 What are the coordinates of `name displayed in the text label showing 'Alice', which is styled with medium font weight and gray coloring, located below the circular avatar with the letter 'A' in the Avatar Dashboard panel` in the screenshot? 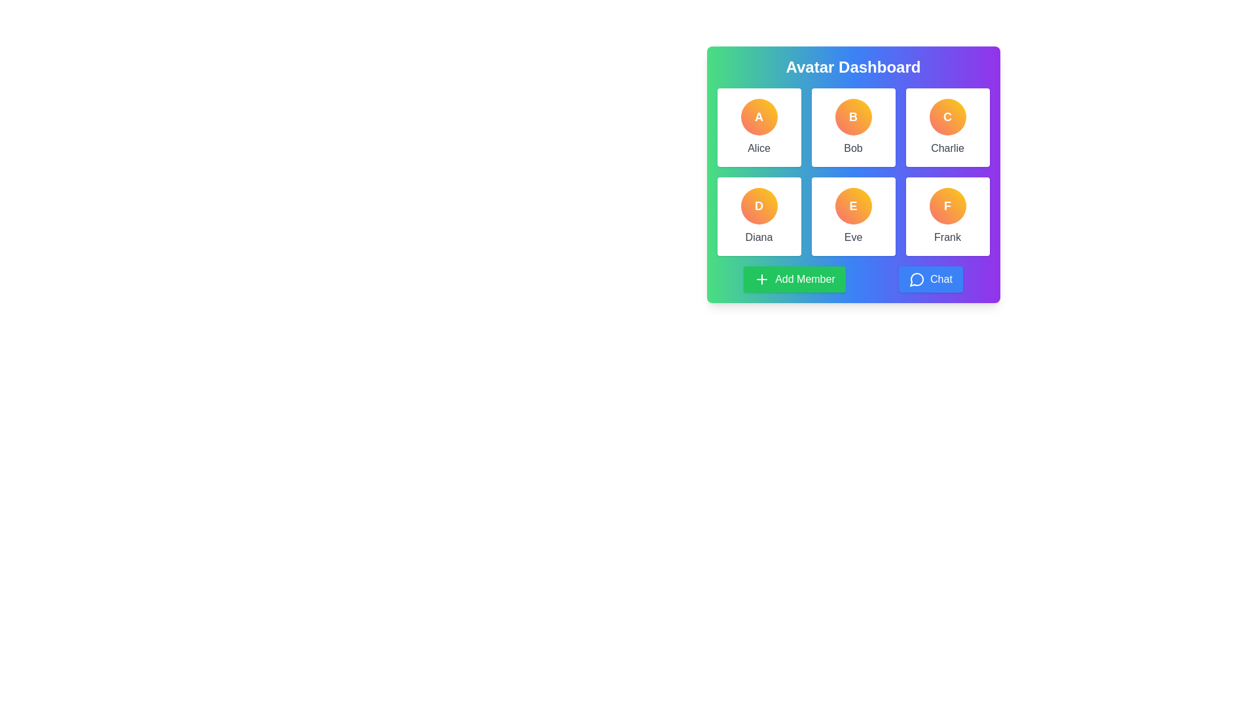 It's located at (759, 148).